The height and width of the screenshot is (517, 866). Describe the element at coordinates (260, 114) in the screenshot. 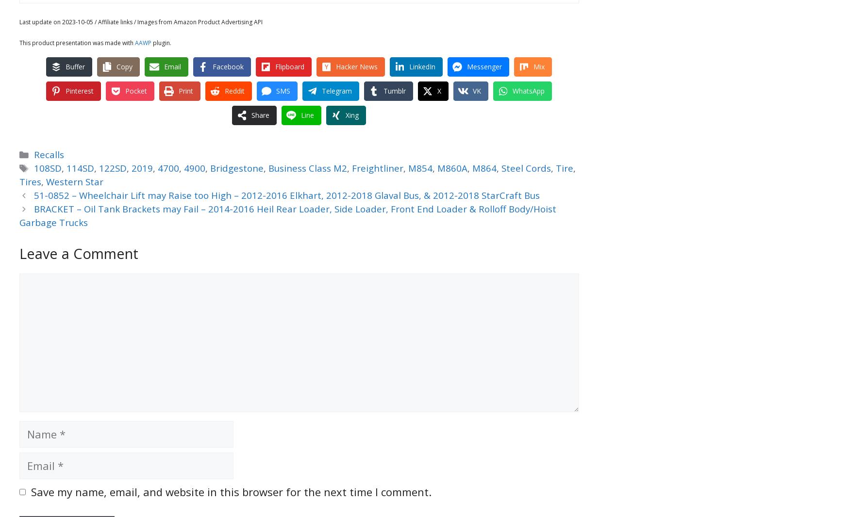

I see `'Share'` at that location.